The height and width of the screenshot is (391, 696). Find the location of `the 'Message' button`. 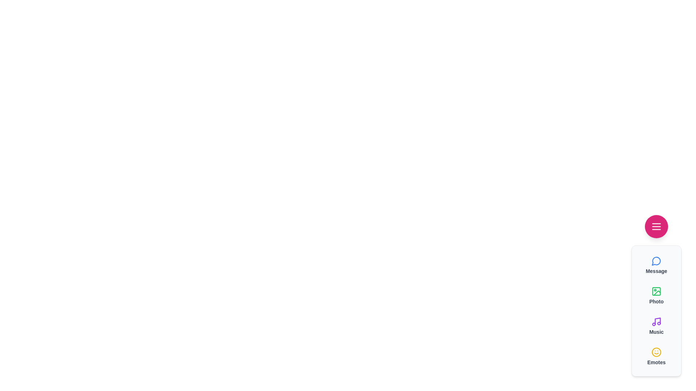

the 'Message' button is located at coordinates (656, 265).